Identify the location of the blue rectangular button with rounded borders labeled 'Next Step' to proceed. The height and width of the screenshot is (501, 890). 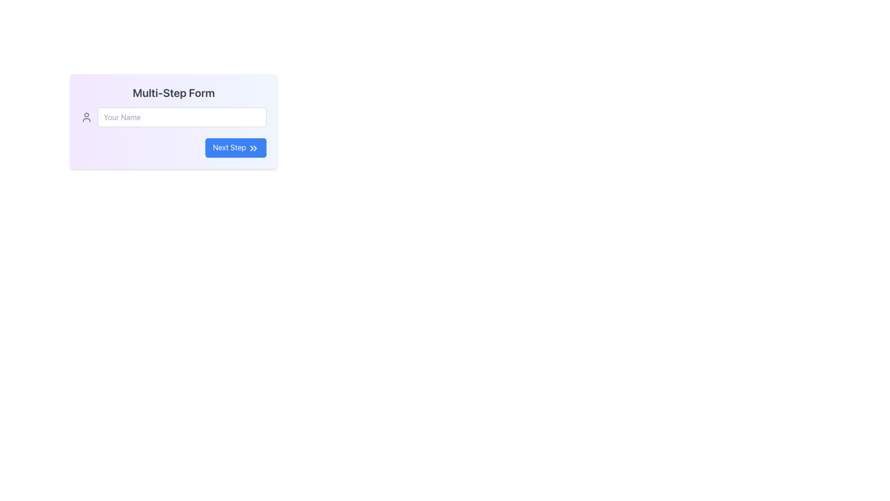
(236, 147).